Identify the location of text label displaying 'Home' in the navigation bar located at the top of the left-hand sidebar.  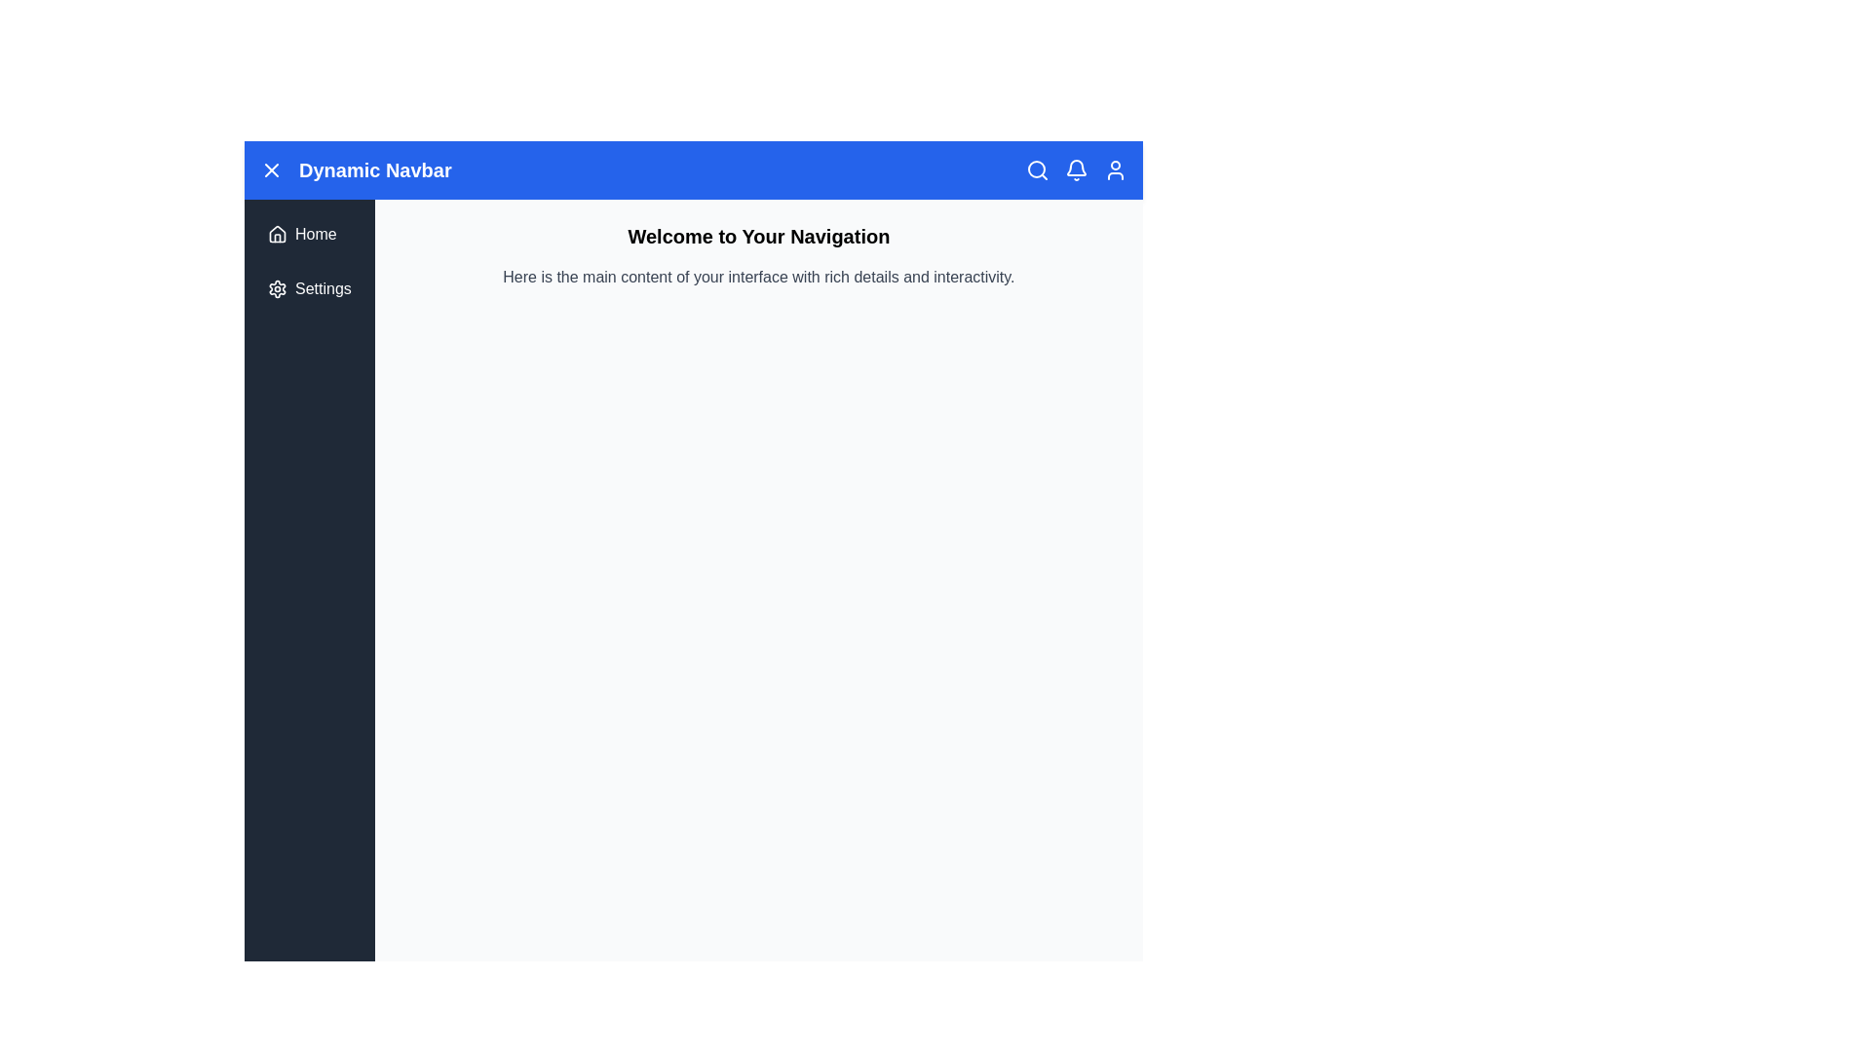
(316, 233).